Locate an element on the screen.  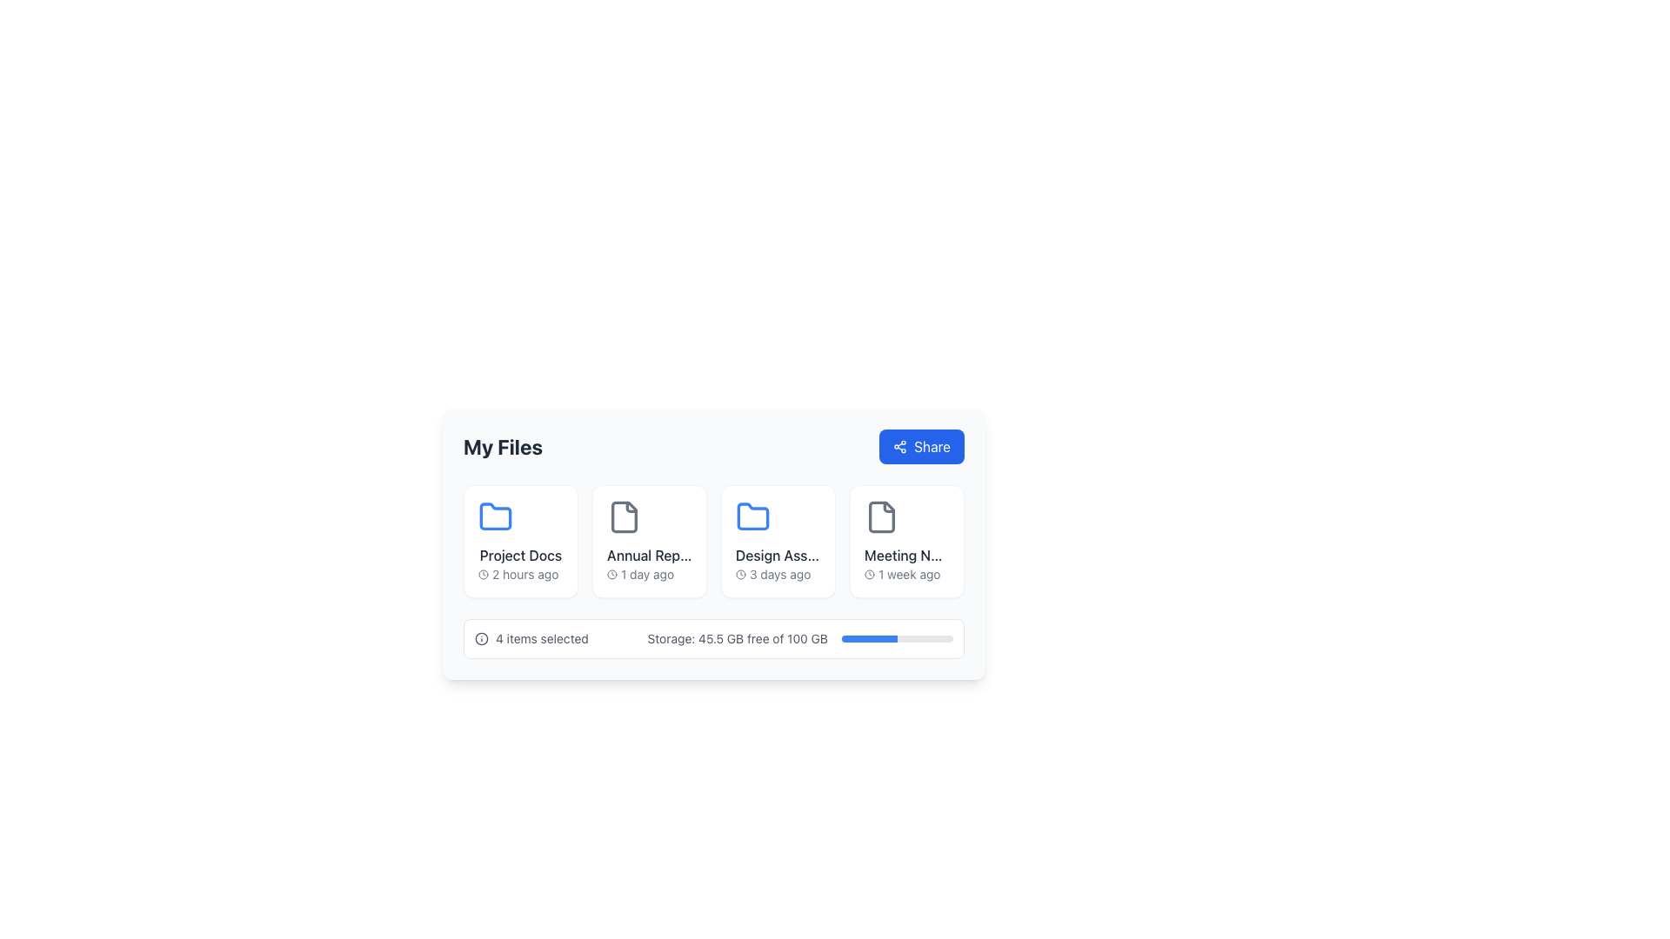
the circular component that is centrally located within the SVG clock icon, which is adjacent to the '2 hours ago' text under the 'Project Docs' label is located at coordinates (869, 574).